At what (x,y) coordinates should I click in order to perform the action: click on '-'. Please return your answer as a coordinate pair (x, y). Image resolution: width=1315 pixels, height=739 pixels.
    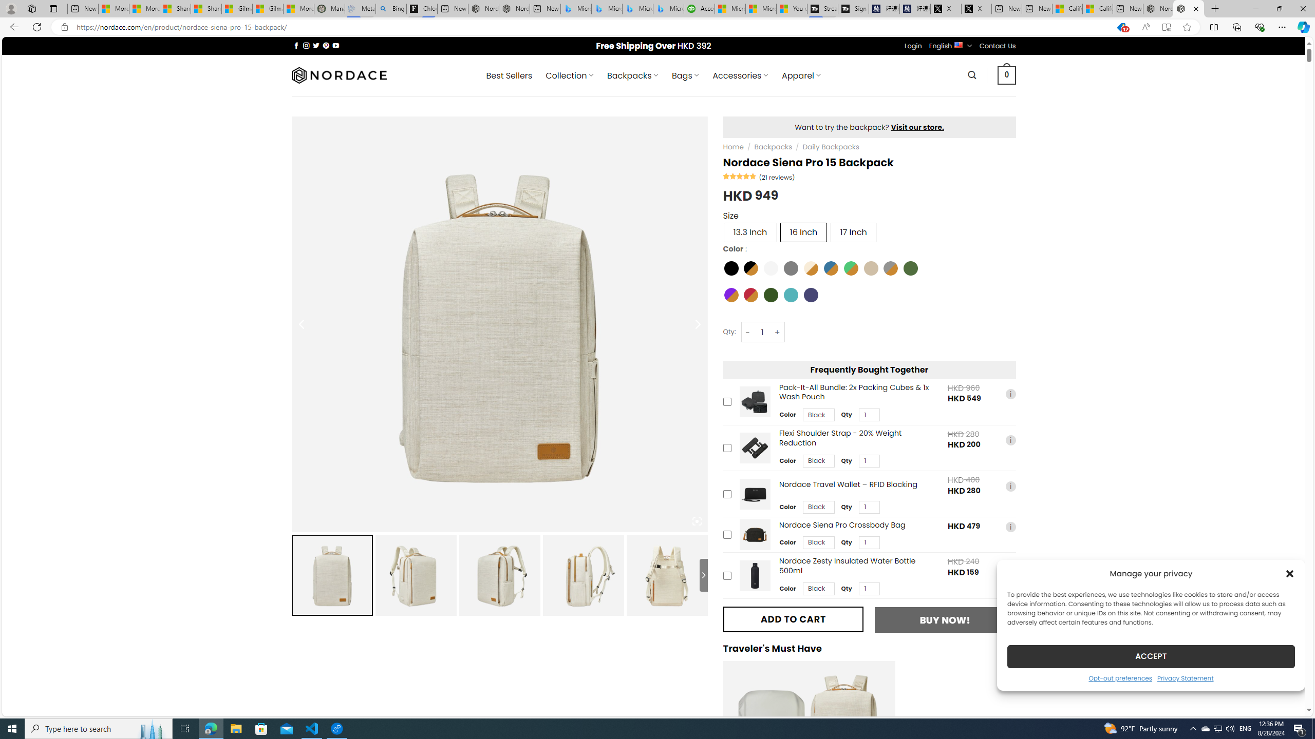
    Looking at the image, I should click on (747, 332).